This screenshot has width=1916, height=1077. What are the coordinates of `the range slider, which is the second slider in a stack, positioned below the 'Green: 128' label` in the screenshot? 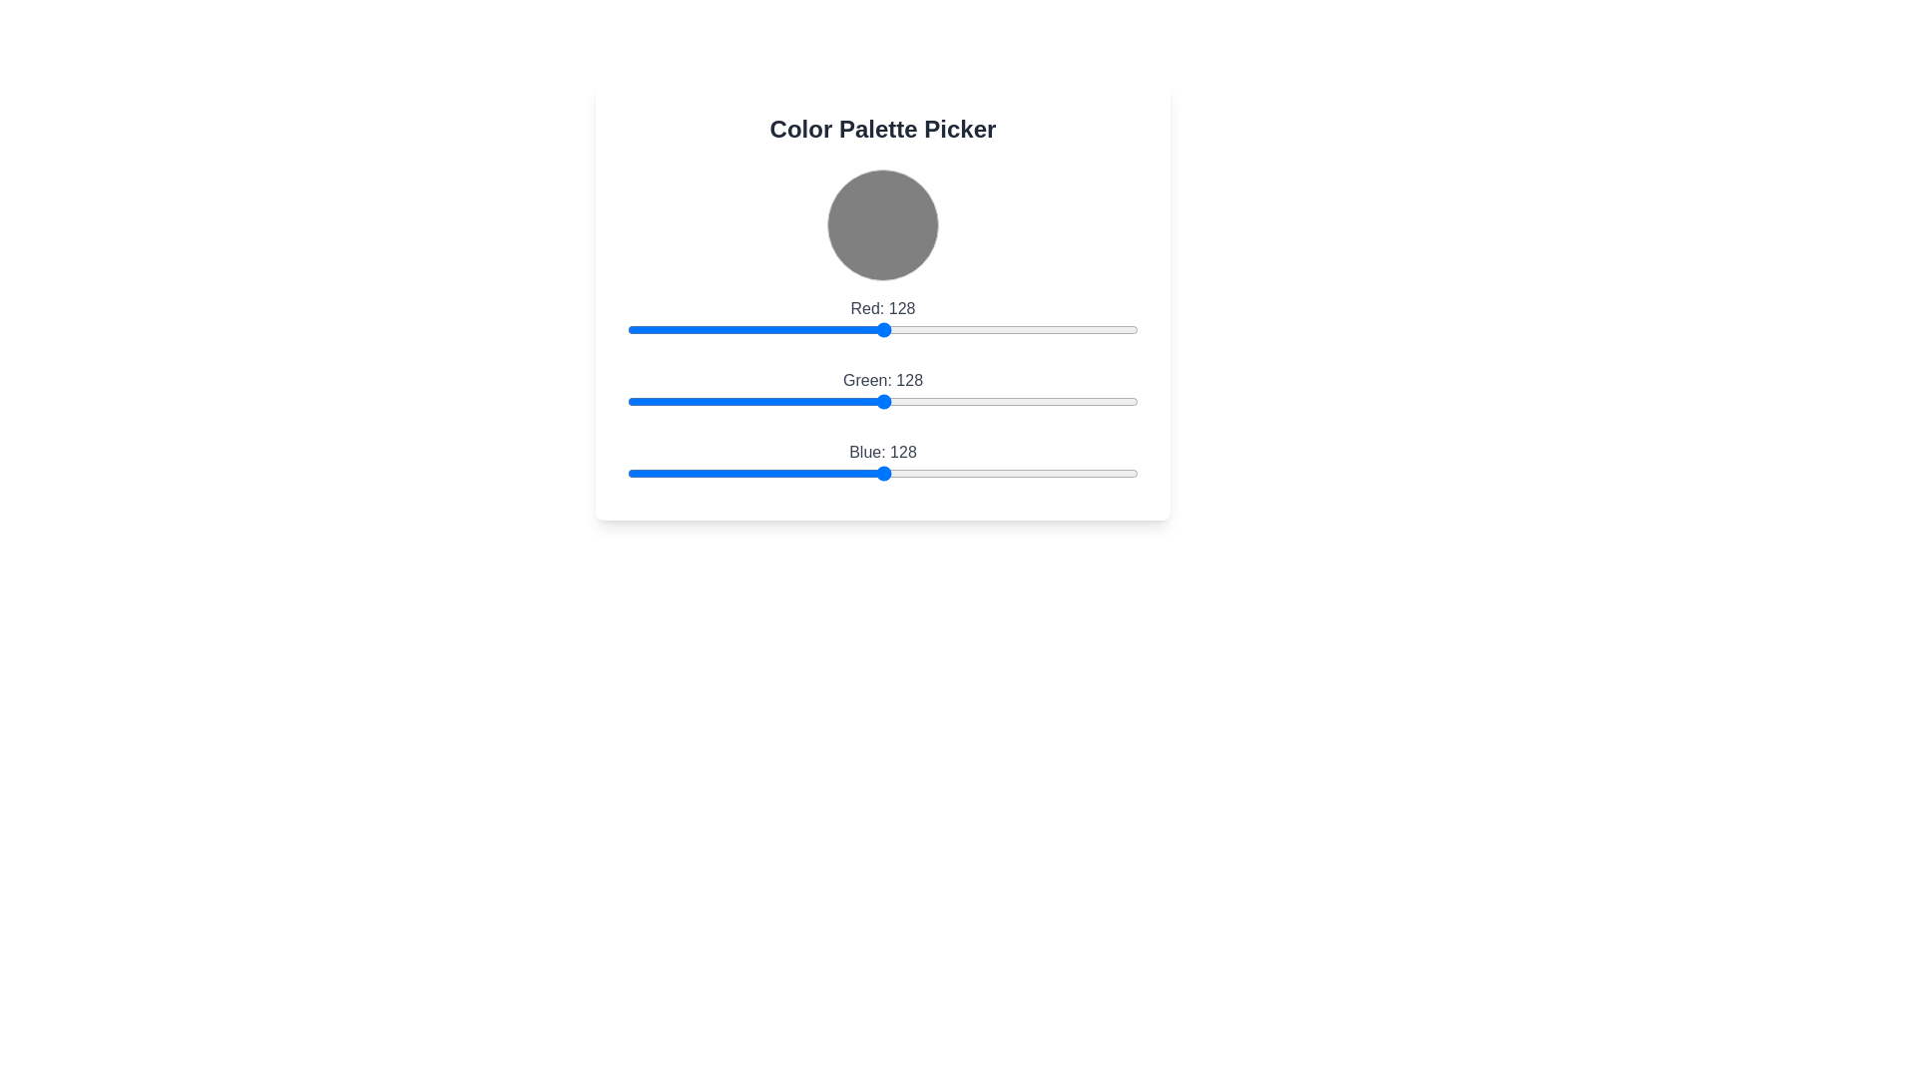 It's located at (881, 401).